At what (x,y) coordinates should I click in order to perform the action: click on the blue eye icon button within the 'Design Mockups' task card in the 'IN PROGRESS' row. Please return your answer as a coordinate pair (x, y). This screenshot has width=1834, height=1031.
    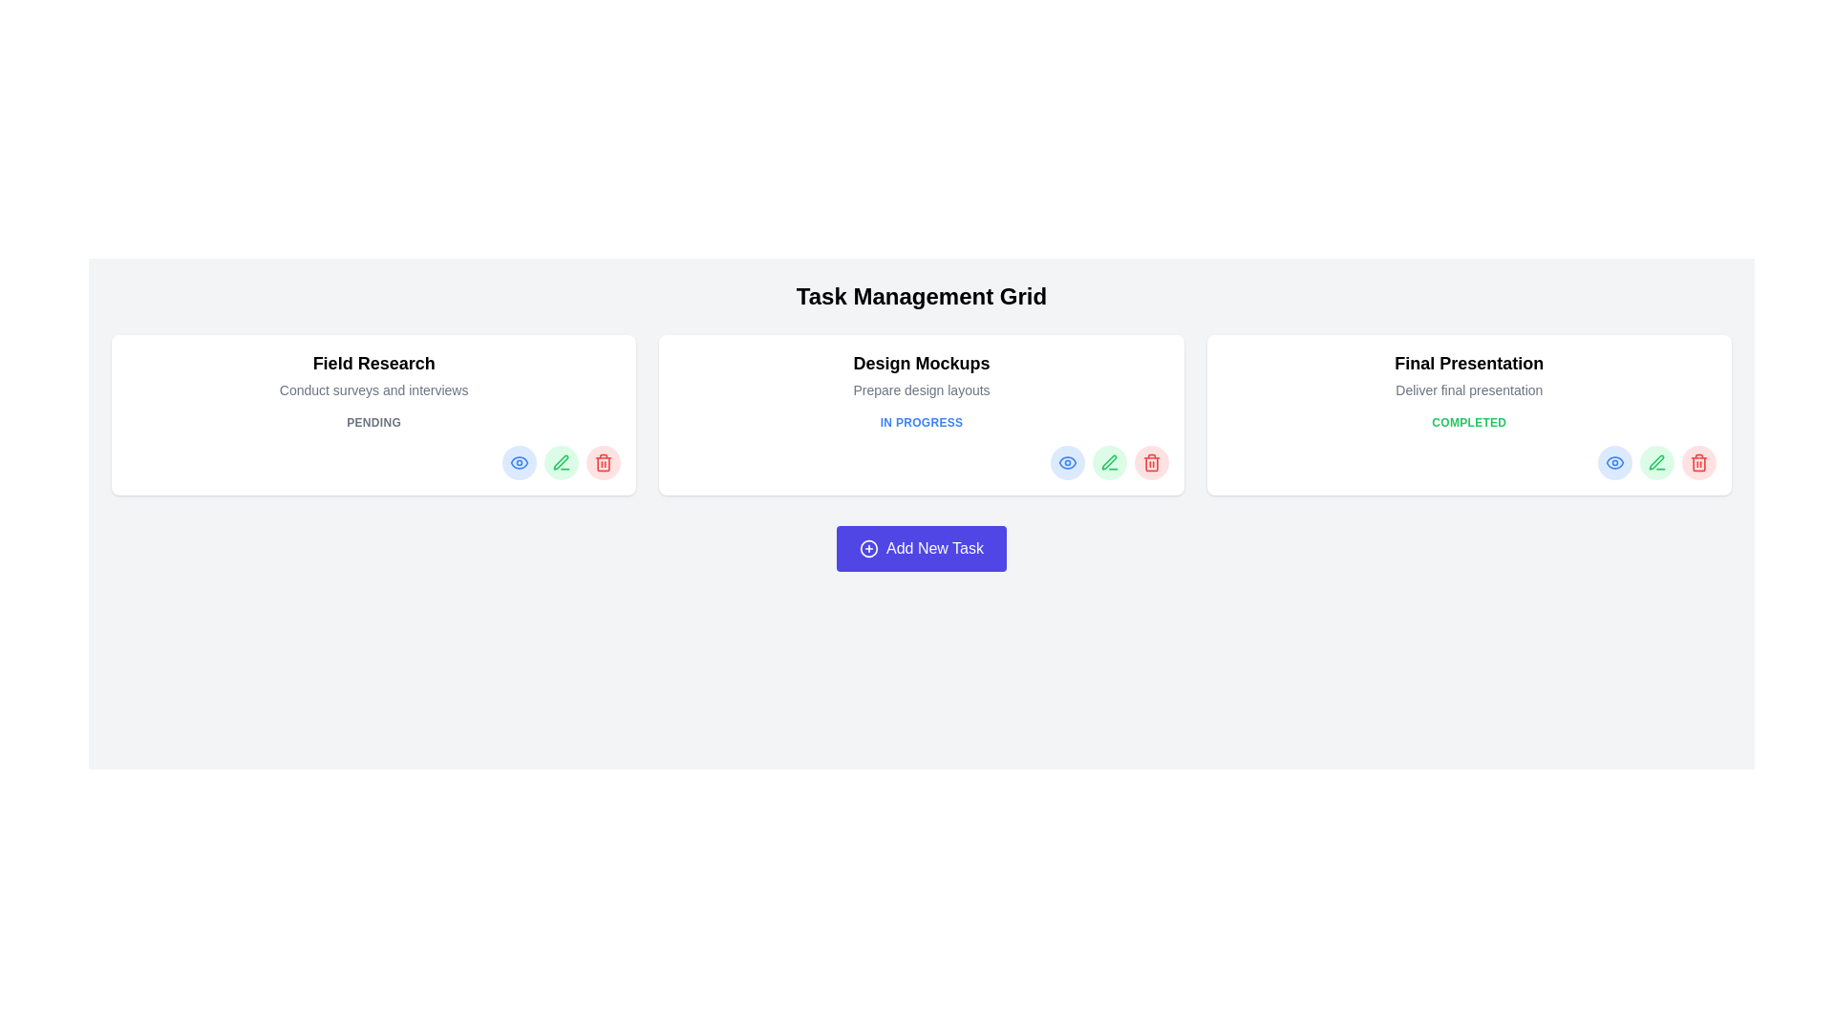
    Looking at the image, I should click on (1066, 463).